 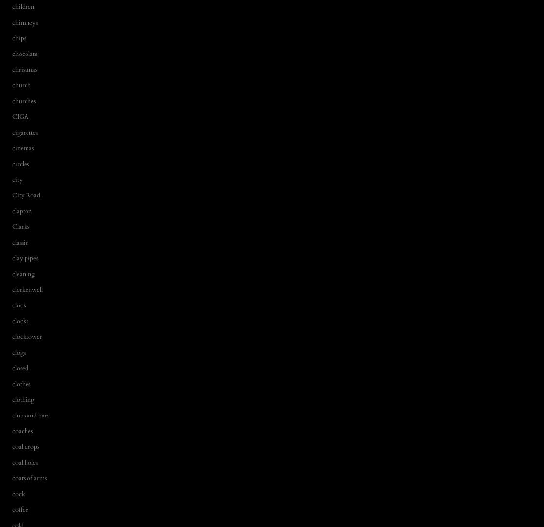 I want to click on 'cinemas', so click(x=23, y=147).